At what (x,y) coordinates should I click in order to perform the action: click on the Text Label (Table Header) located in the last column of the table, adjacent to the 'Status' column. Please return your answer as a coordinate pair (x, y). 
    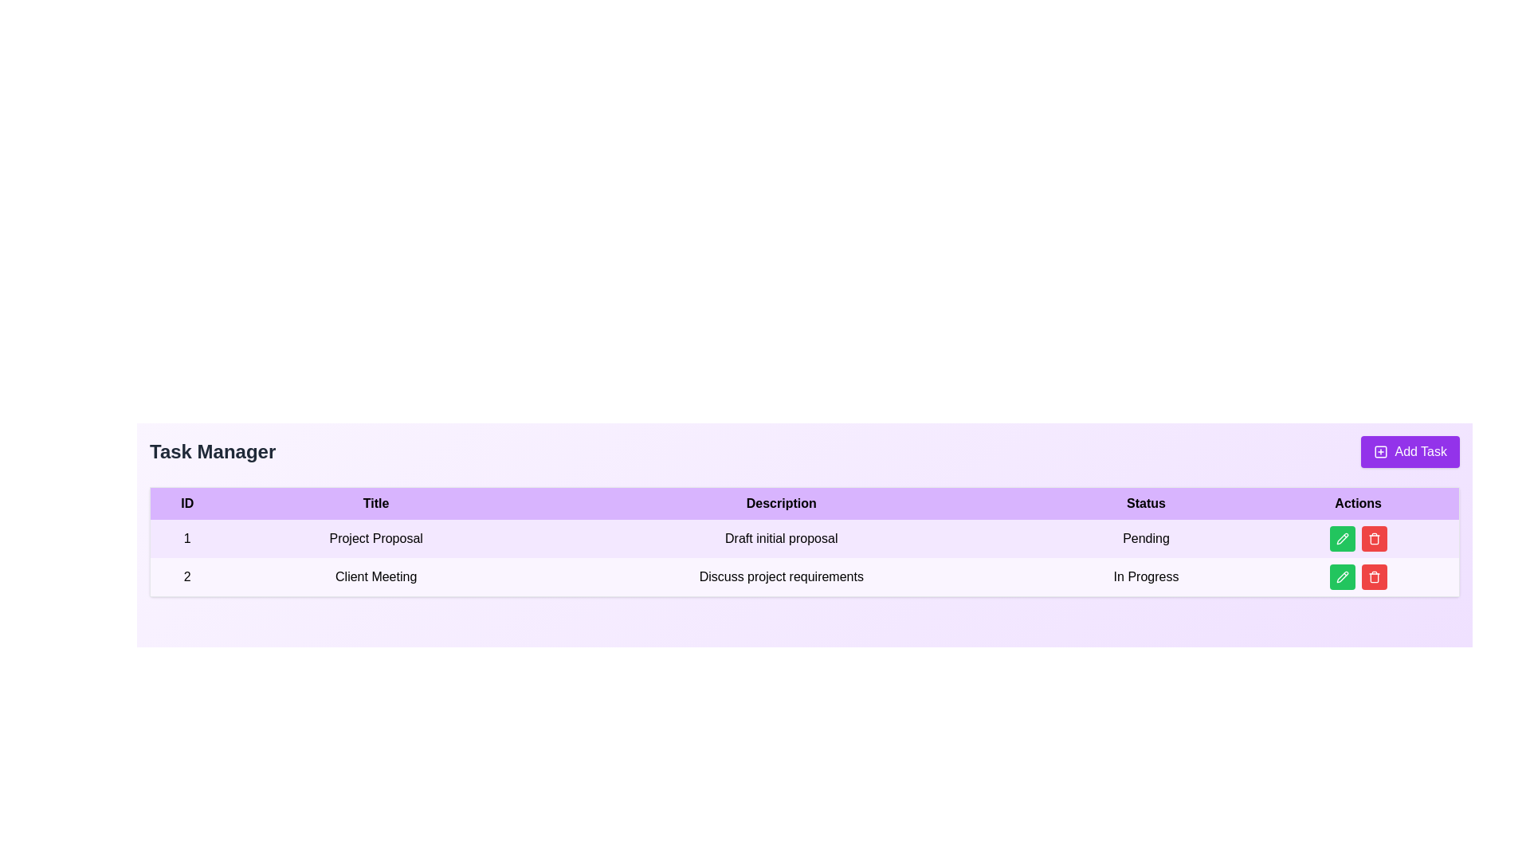
    Looking at the image, I should click on (1357, 503).